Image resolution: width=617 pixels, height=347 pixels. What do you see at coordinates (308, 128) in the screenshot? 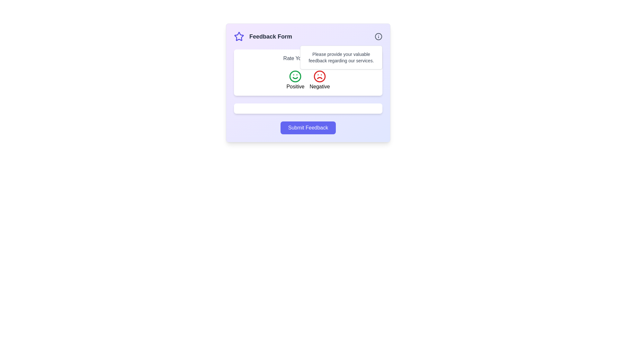
I see `the 'Submit Feedback' button, which is a blue rectangular button with white text and rounded corners, located at the bottom of the feedback form` at bounding box center [308, 128].